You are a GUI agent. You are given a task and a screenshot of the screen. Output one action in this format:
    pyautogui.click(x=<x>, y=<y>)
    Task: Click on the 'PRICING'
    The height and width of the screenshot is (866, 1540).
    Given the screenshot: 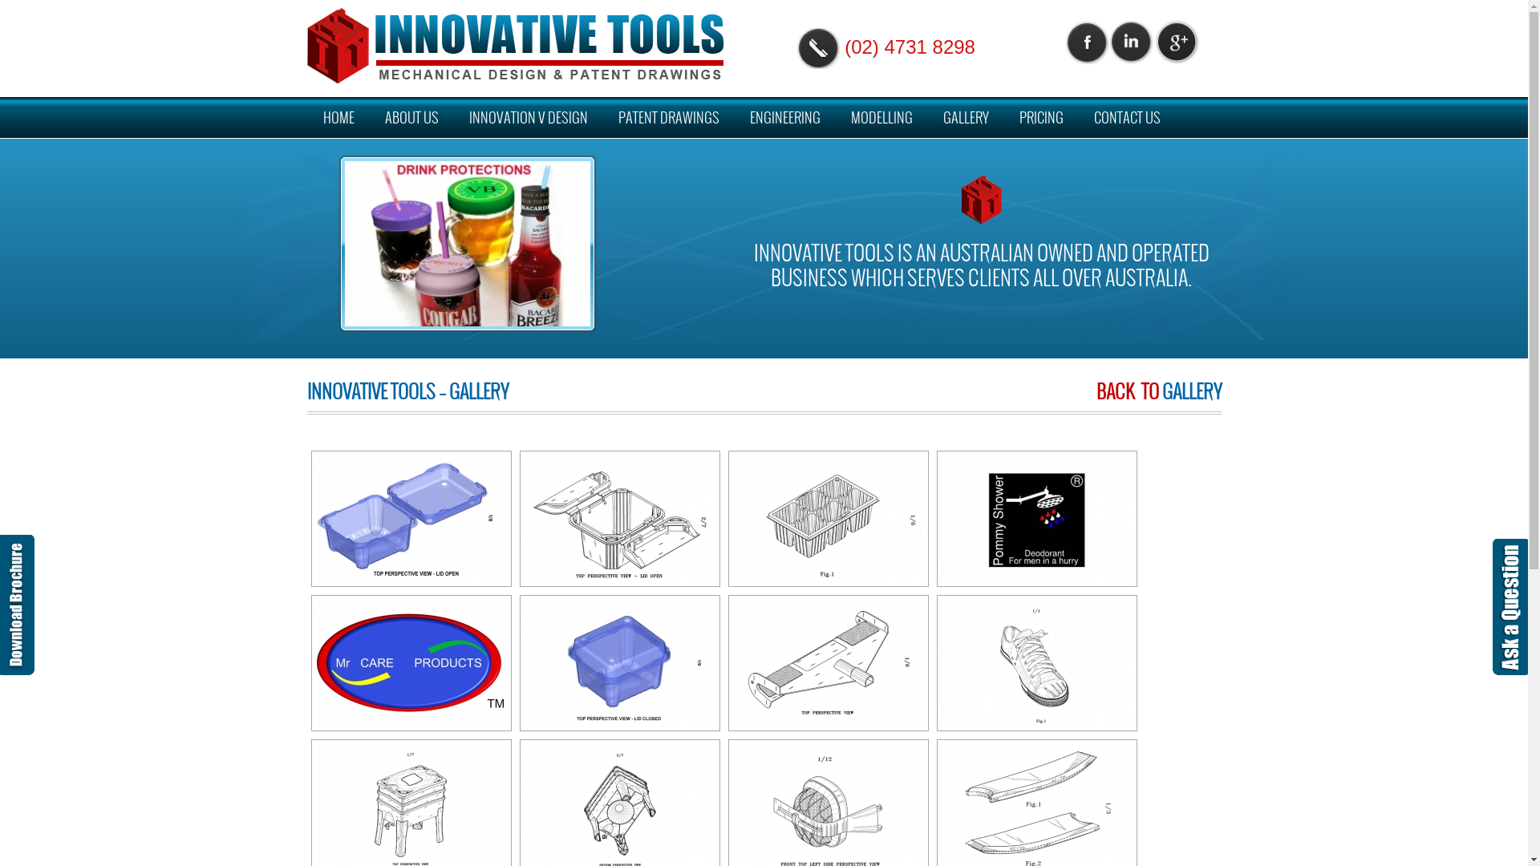 What is the action you would take?
    pyautogui.click(x=1040, y=116)
    